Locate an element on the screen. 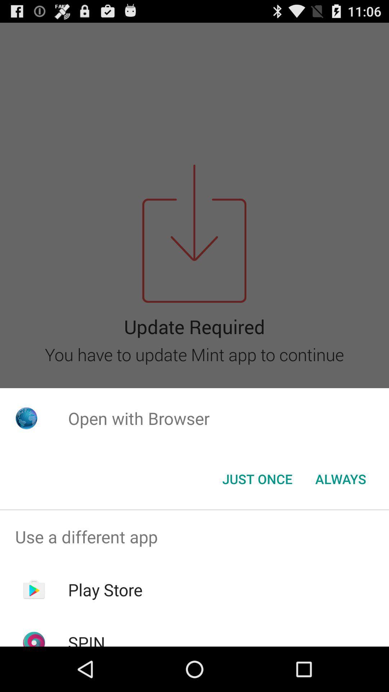  icon next to just once item is located at coordinates (340, 479).